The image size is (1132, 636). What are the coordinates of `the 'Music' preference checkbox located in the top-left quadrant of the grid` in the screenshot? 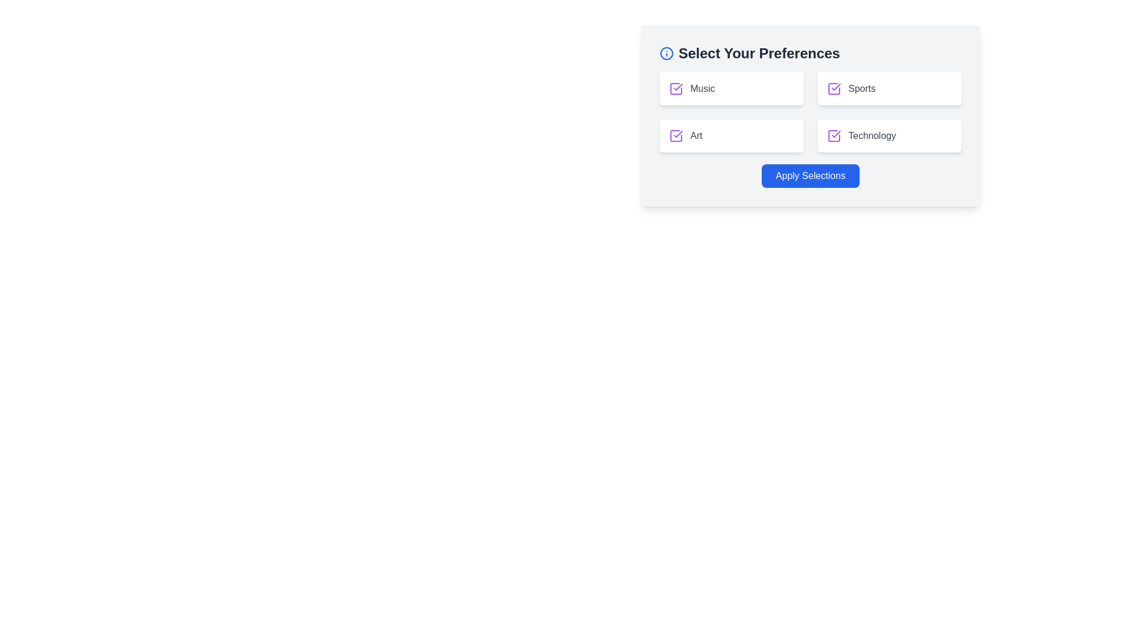 It's located at (676, 88).